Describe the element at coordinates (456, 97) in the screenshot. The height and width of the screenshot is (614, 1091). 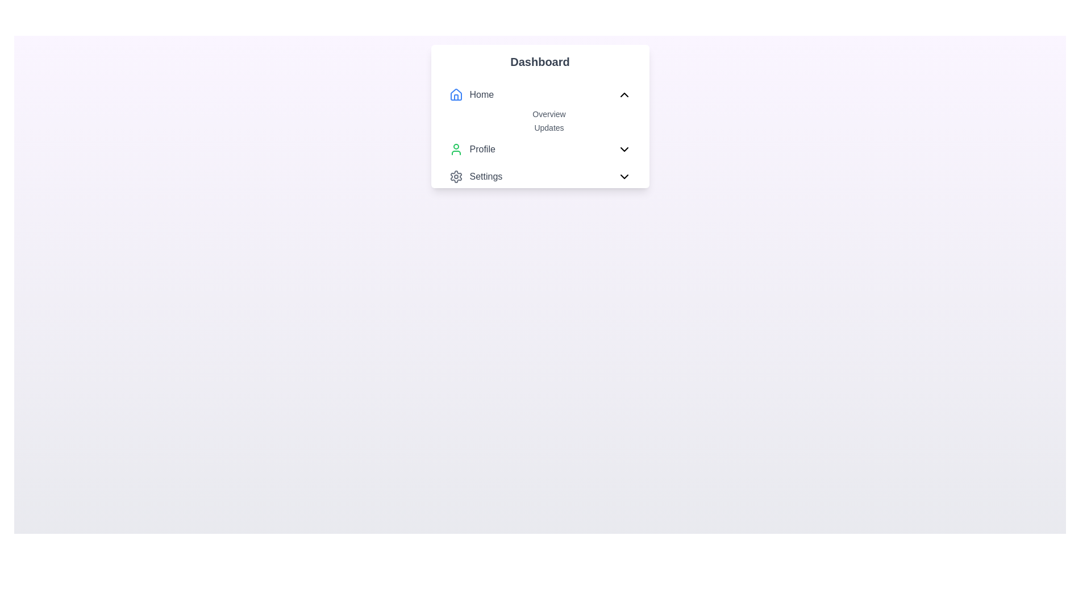
I see `the central vertical bar of the 'Home' menu icon, which is a non-interactive graphical part of the SVG representing the home section in the dashboard menu` at that location.